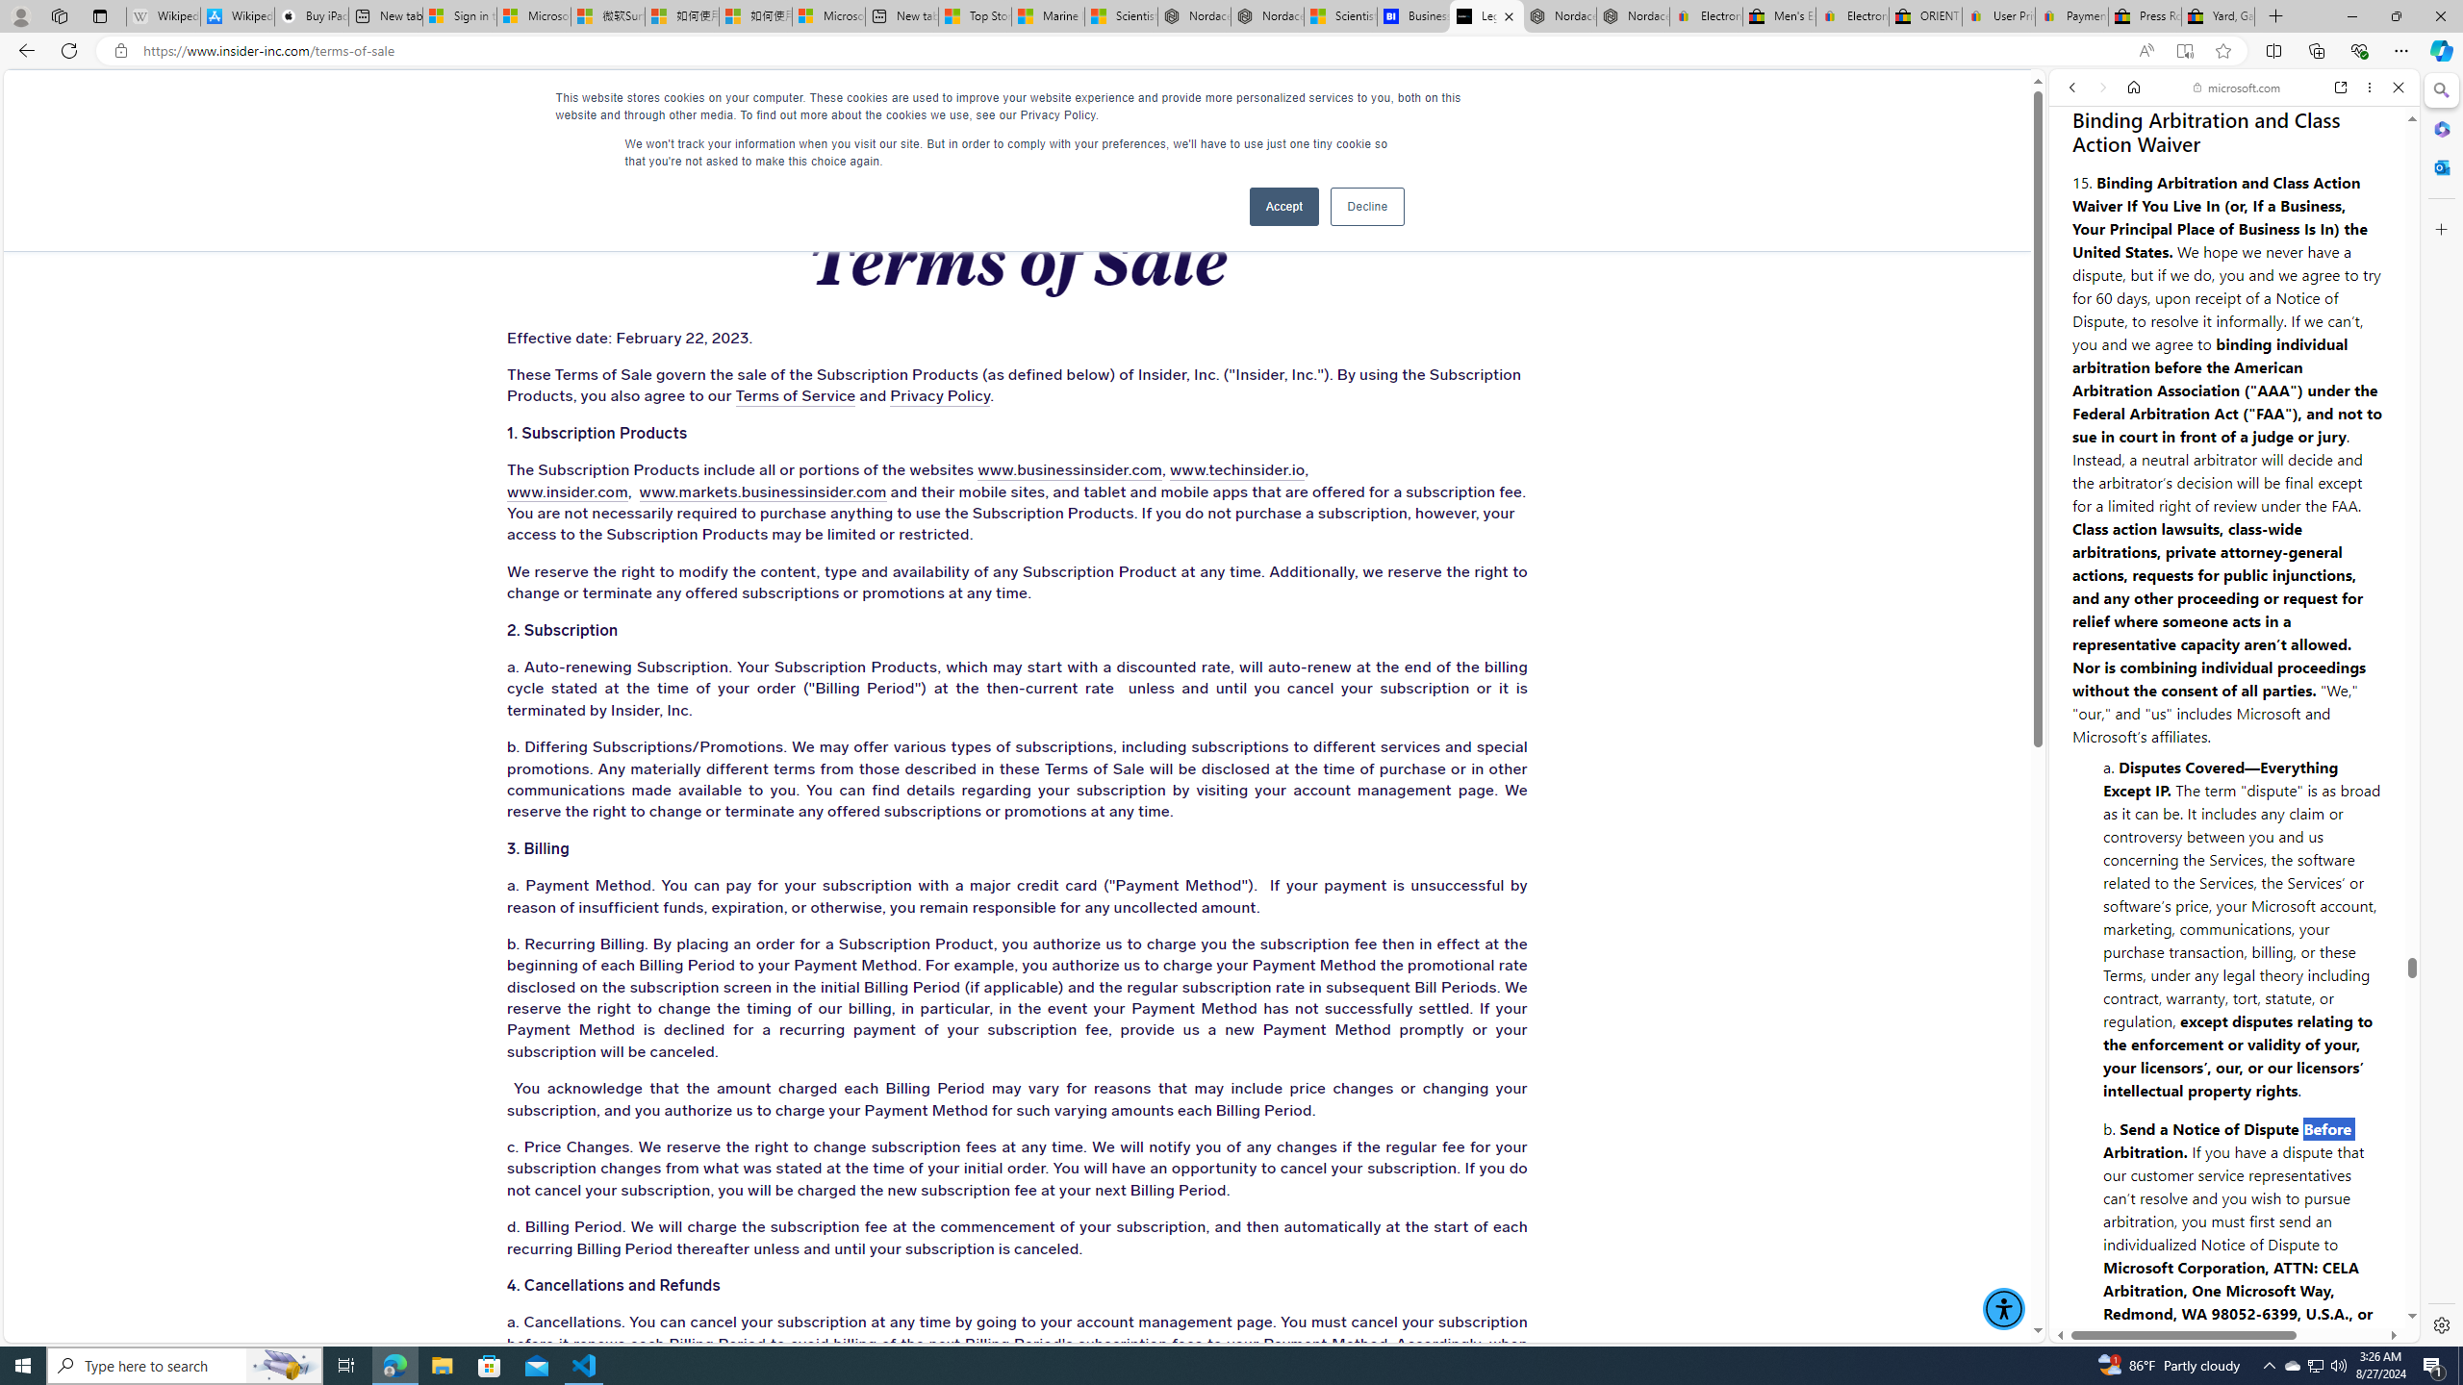 The width and height of the screenshot is (2463, 1385). Describe the element at coordinates (1365, 206) in the screenshot. I see `'Decline'` at that location.